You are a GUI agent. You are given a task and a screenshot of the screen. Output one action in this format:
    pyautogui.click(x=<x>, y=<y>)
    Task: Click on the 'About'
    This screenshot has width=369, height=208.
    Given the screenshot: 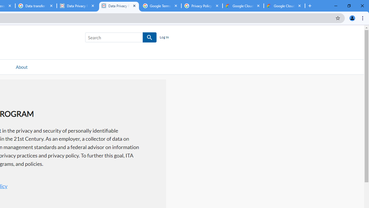 What is the action you would take?
    pyautogui.click(x=21, y=66)
    